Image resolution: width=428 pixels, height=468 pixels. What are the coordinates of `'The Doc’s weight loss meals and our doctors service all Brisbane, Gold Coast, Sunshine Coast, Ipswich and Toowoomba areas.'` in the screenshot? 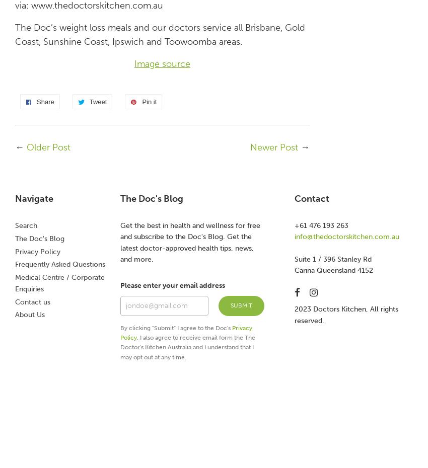 It's located at (160, 34).